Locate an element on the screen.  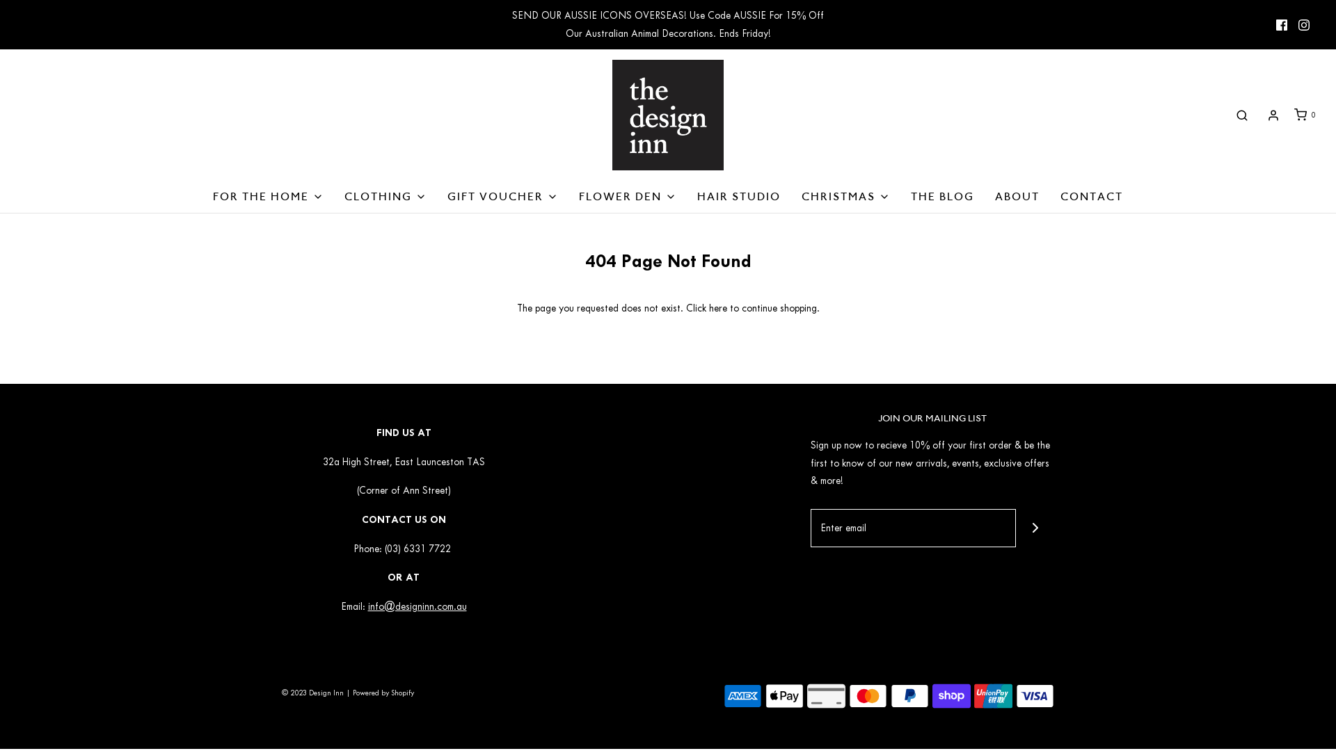
'FOR THE HOME' is located at coordinates (268, 196).